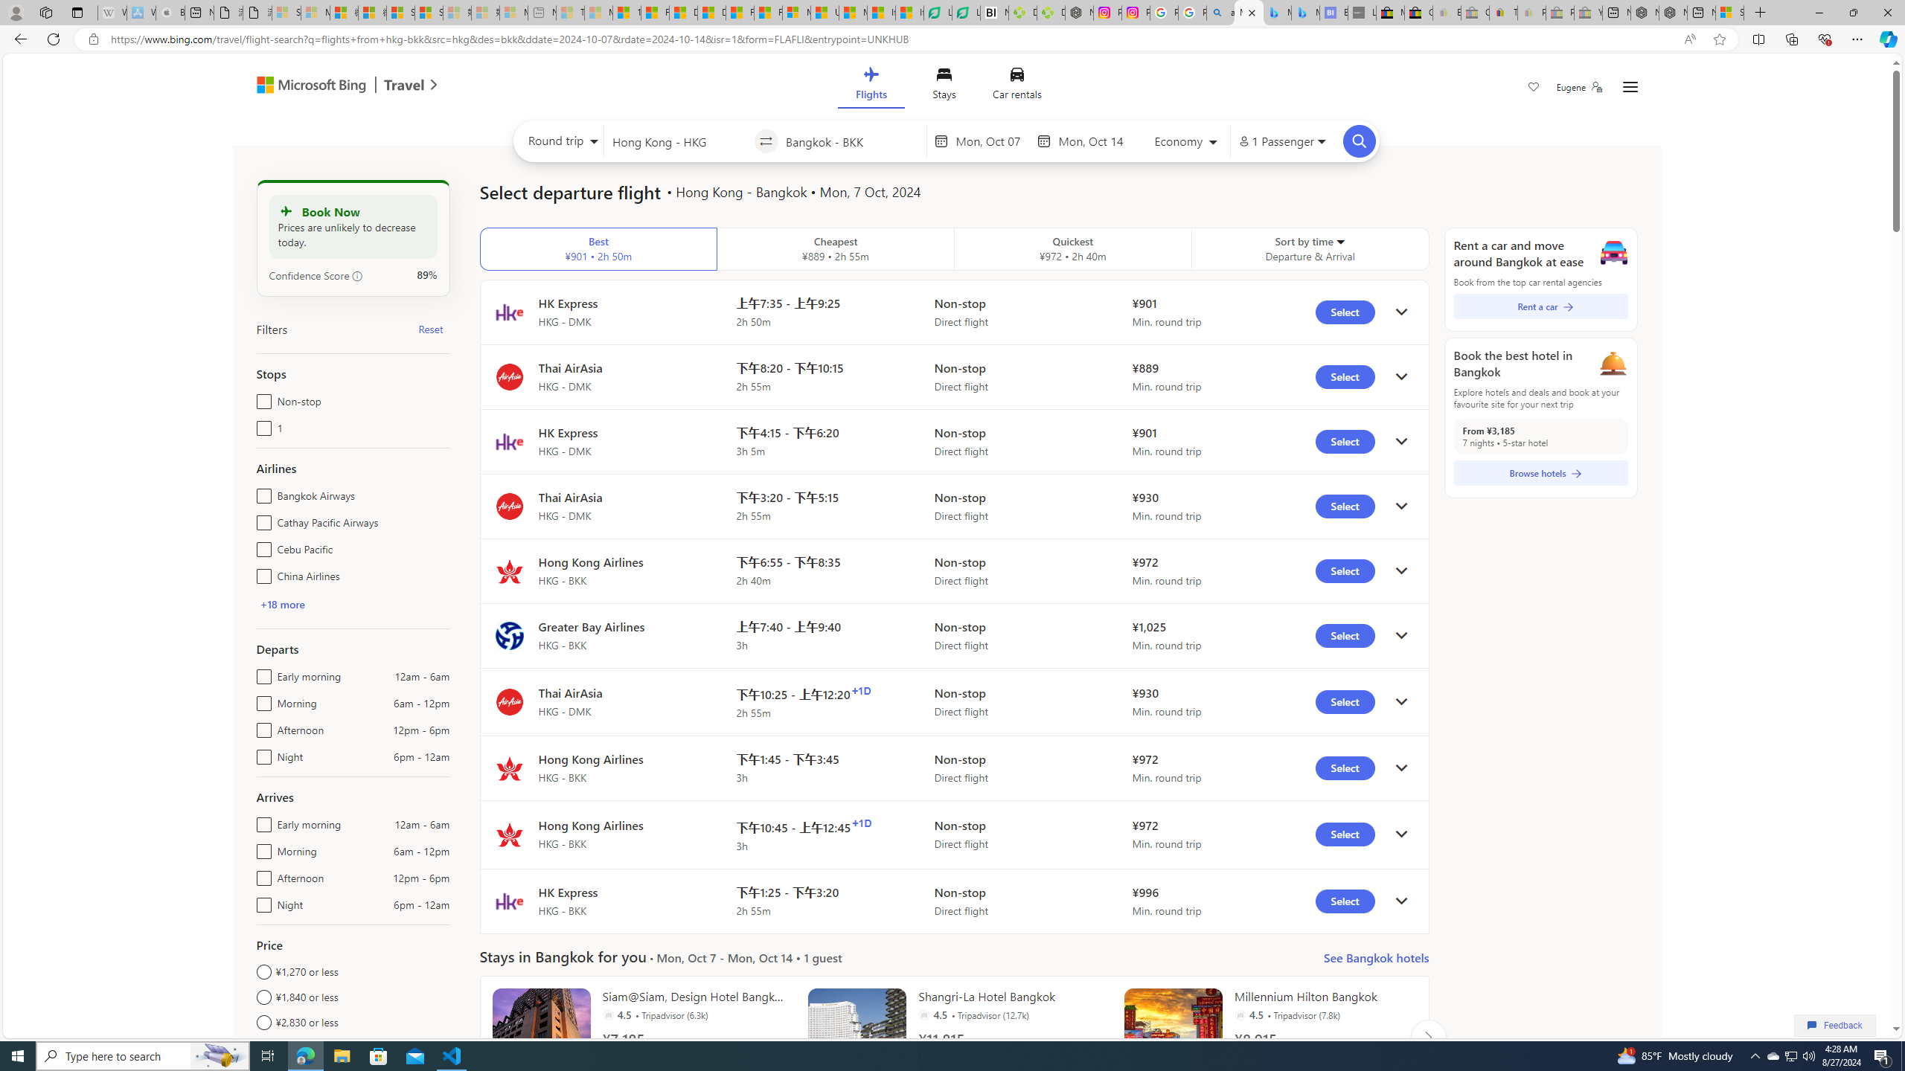  Describe the element at coordinates (1281, 141) in the screenshot. I see `'1 Passenger'` at that location.